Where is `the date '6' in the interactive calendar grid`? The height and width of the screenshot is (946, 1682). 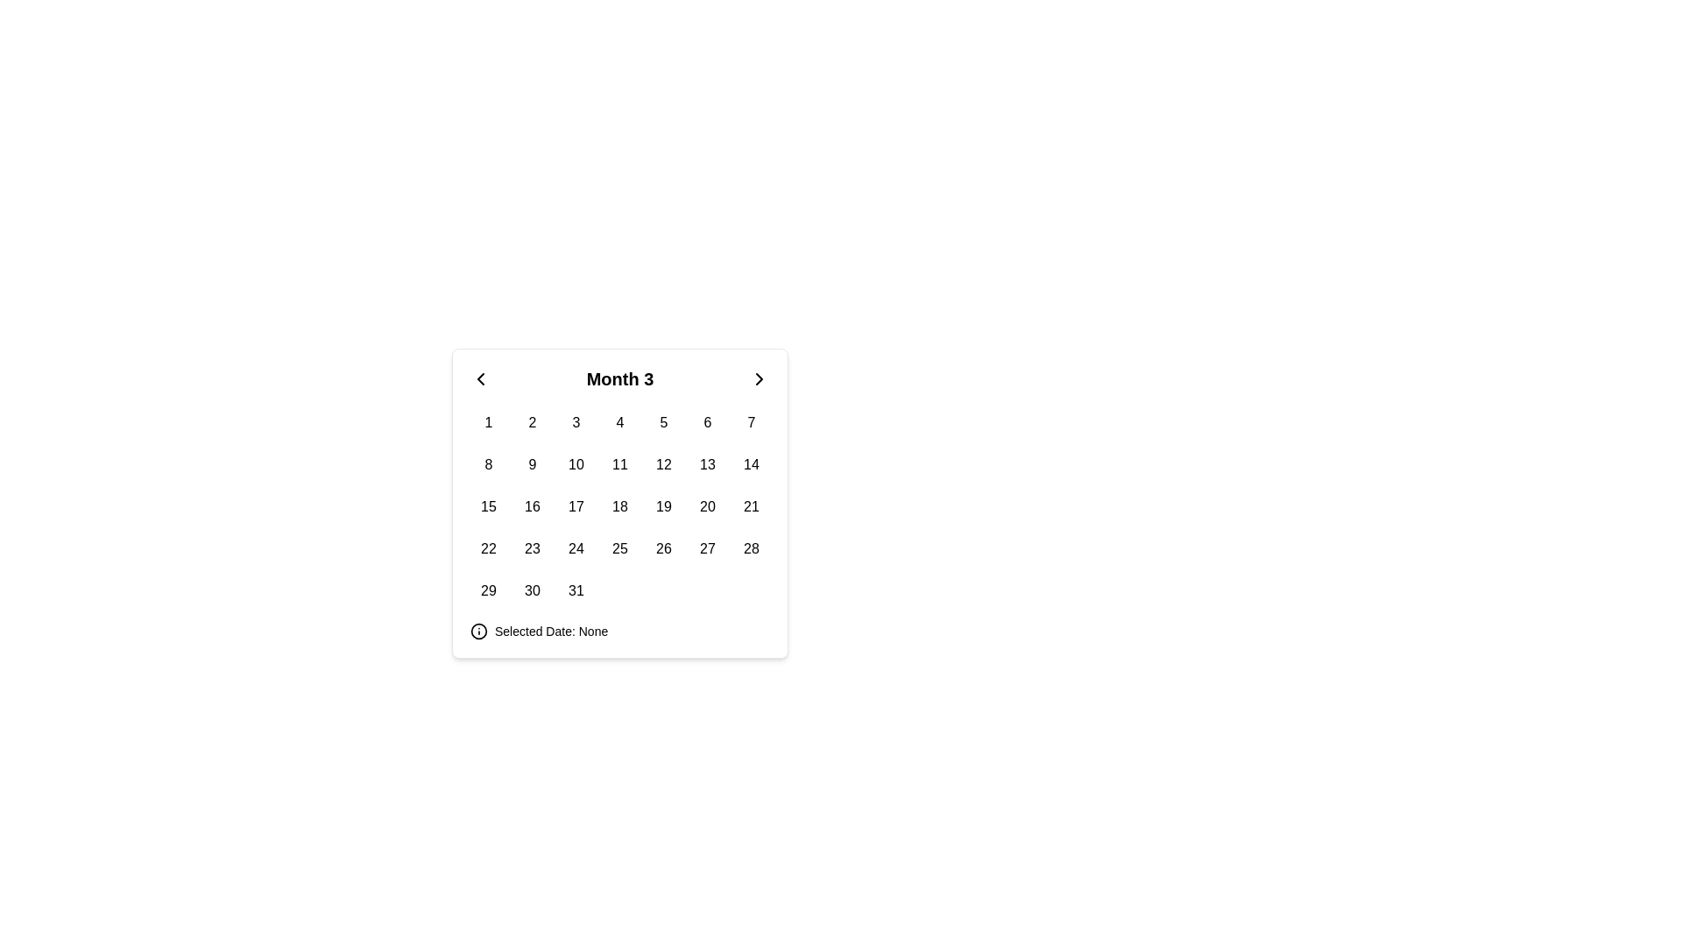 the date '6' in the interactive calendar grid is located at coordinates (707, 422).